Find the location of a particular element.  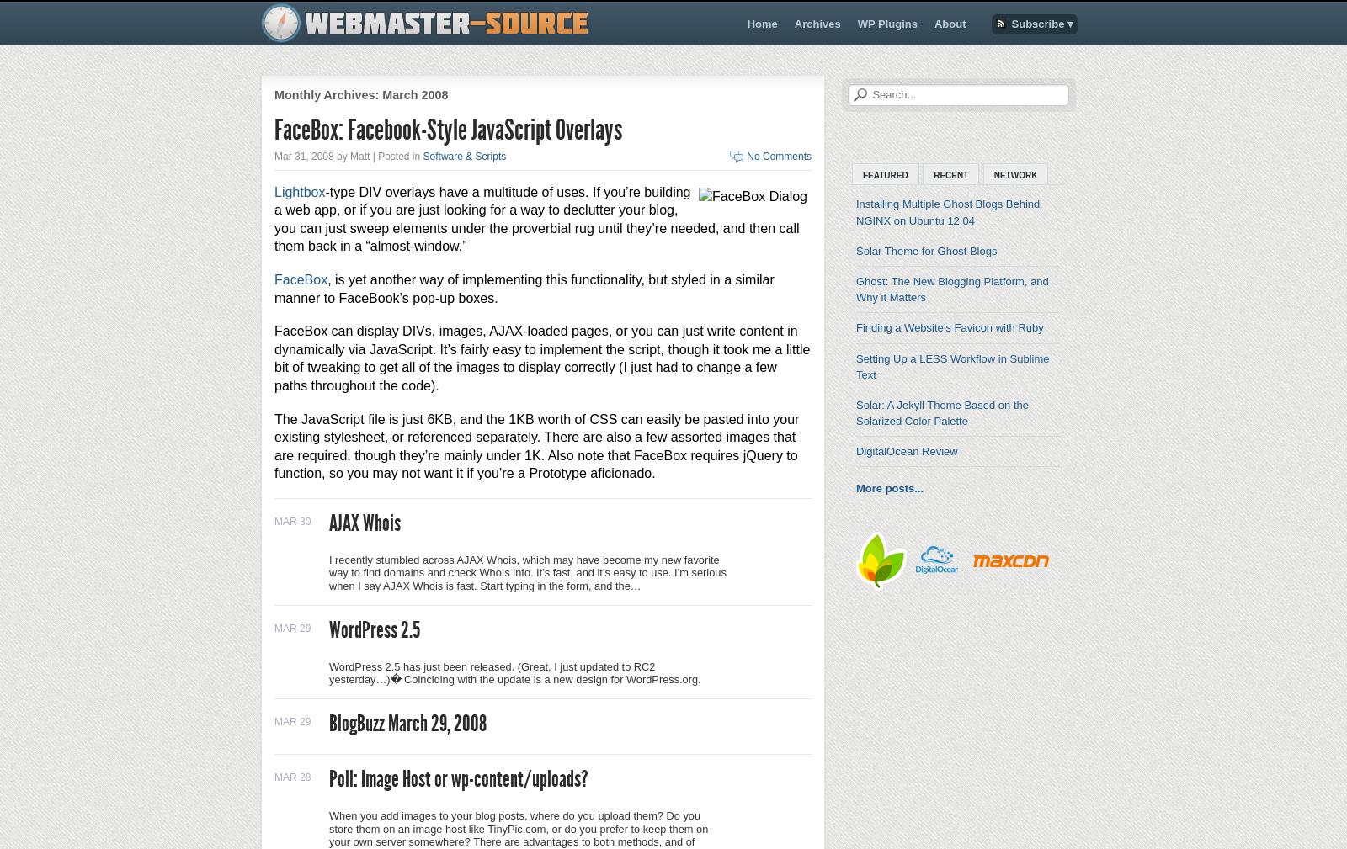

'Lightbox' is located at coordinates (300, 190).